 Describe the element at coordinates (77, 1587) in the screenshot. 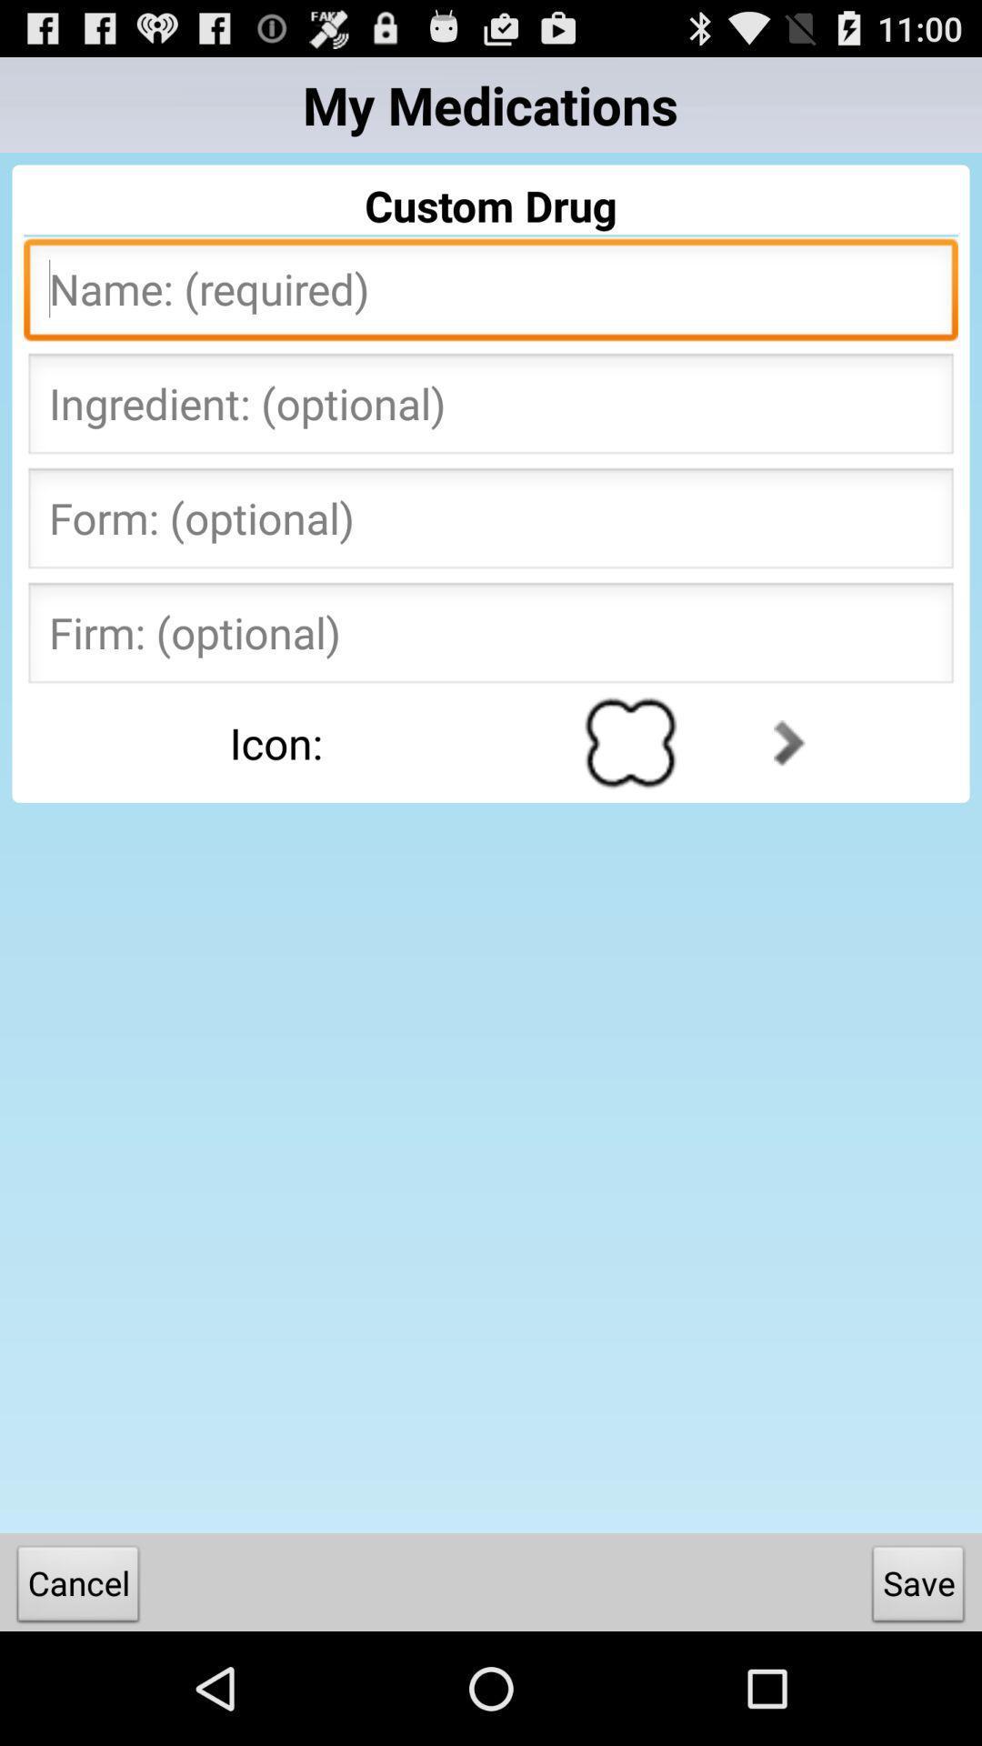

I see `the button next to the save item` at that location.